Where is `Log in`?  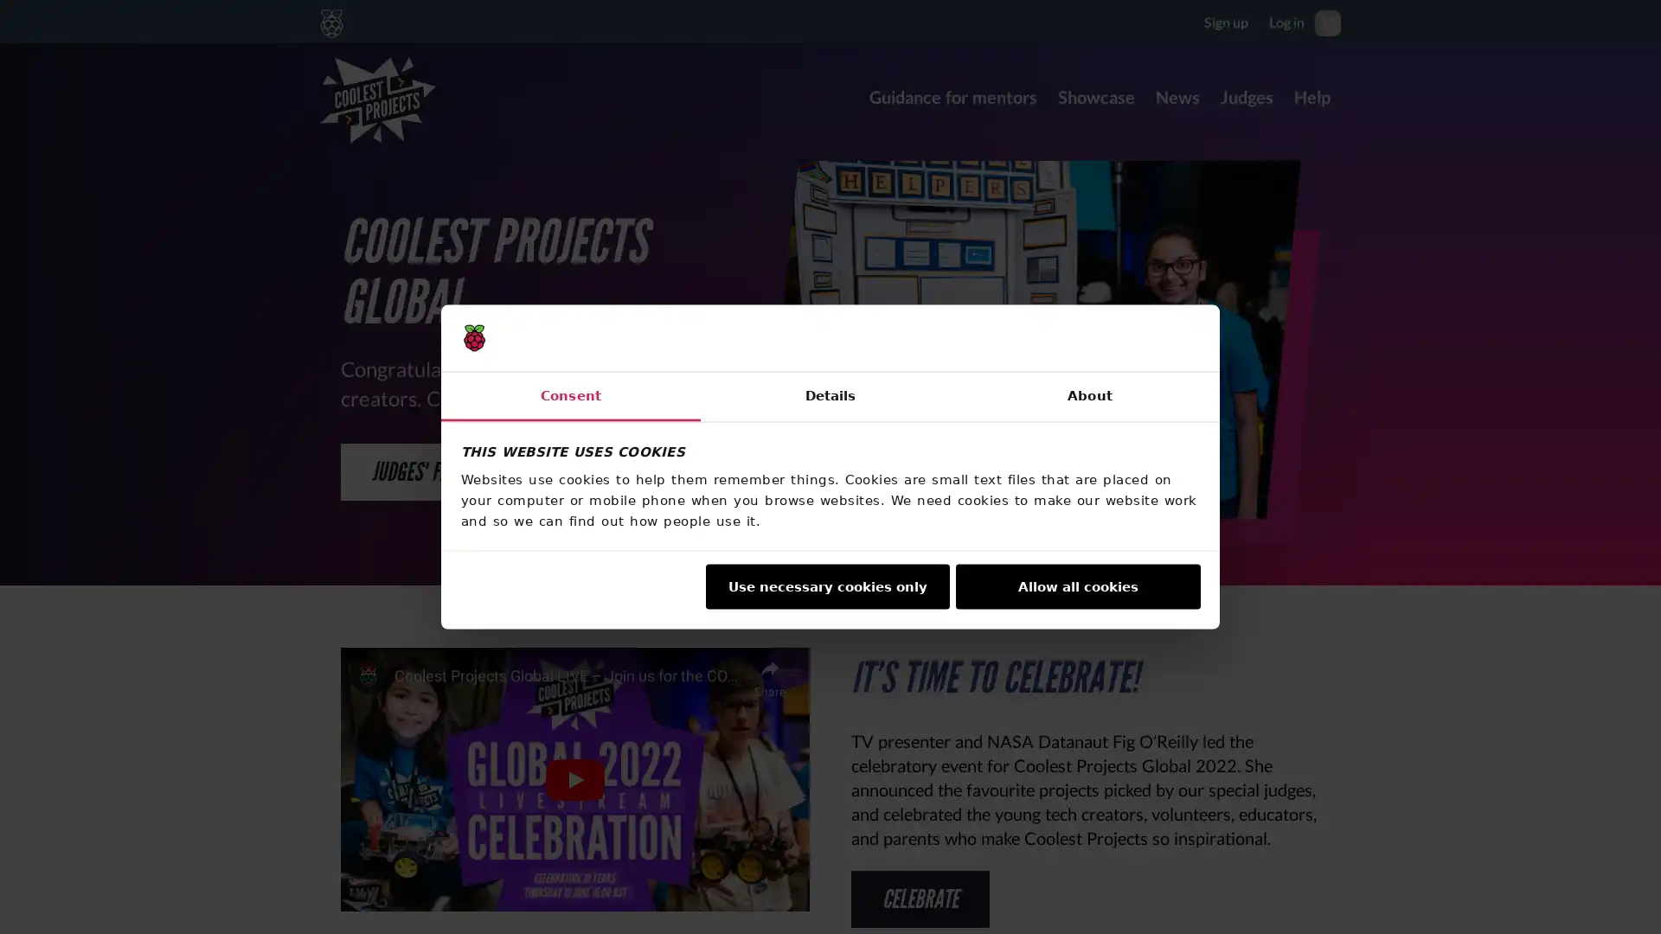
Log in is located at coordinates (1286, 21).